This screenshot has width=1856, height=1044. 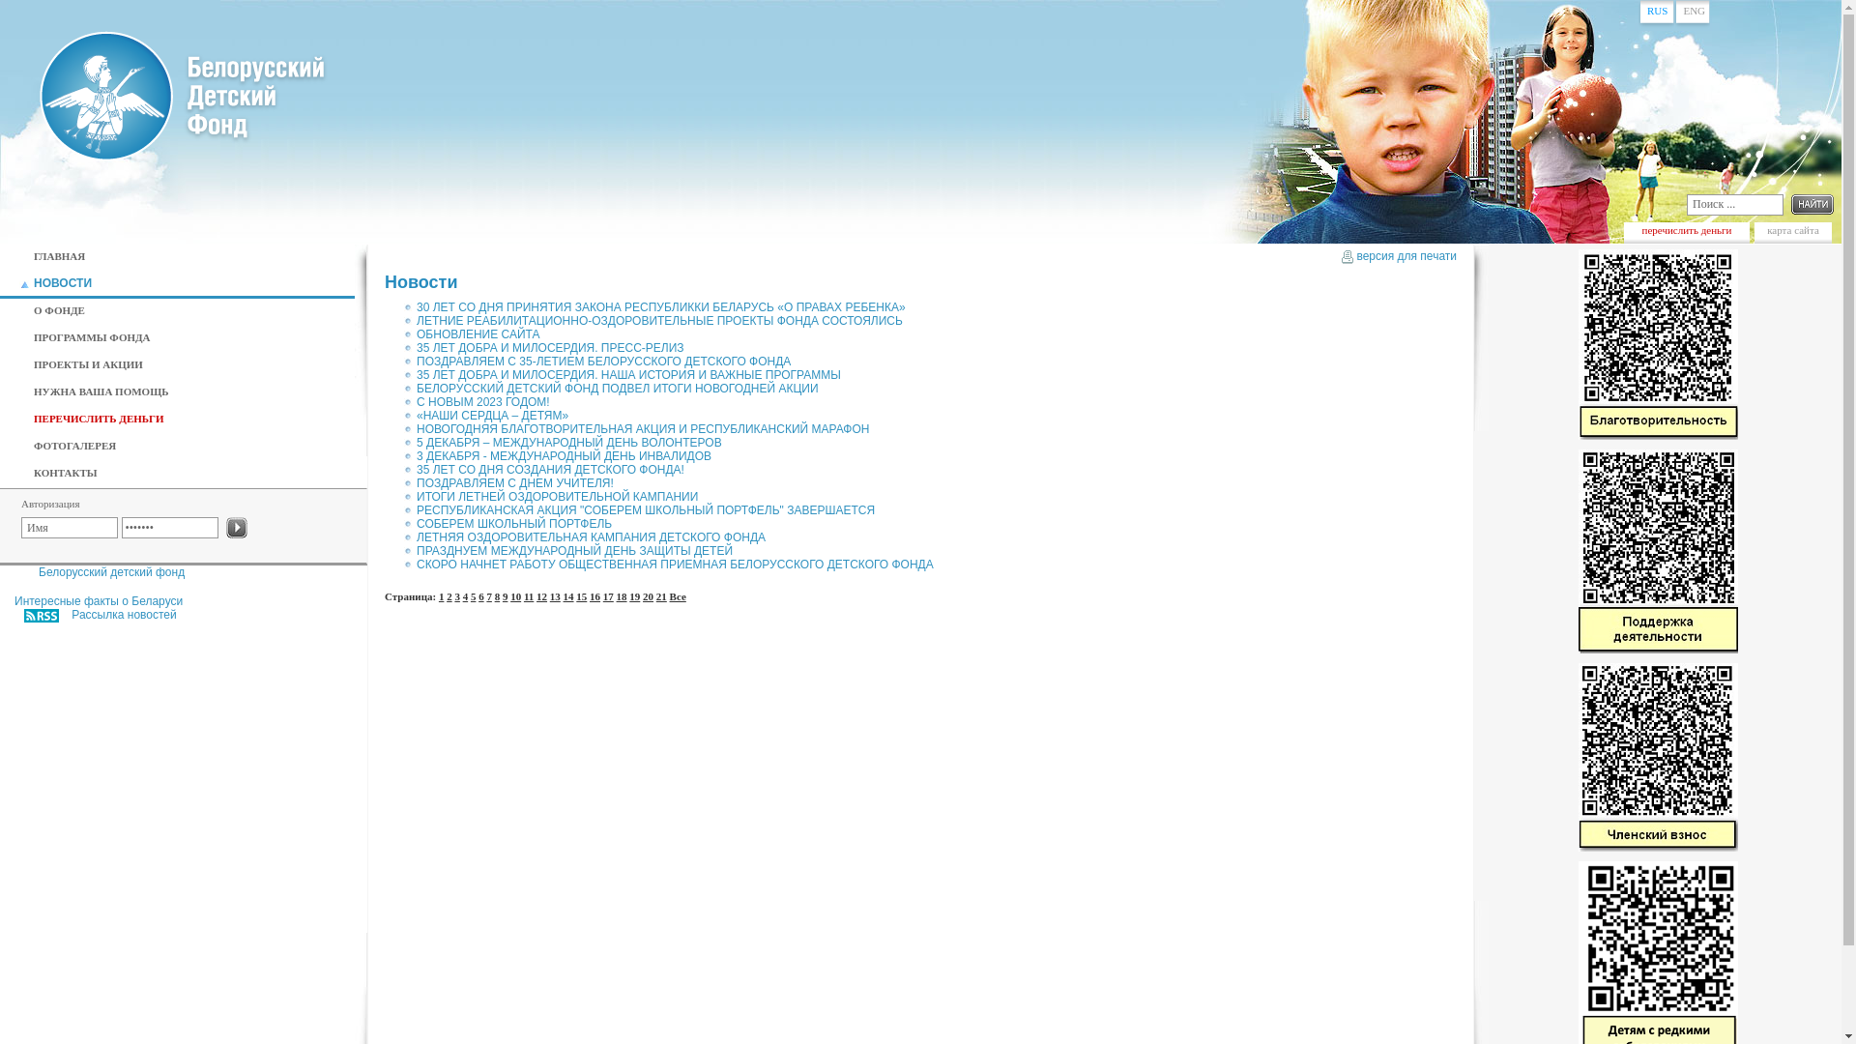 I want to click on '16', so click(x=594, y=591).